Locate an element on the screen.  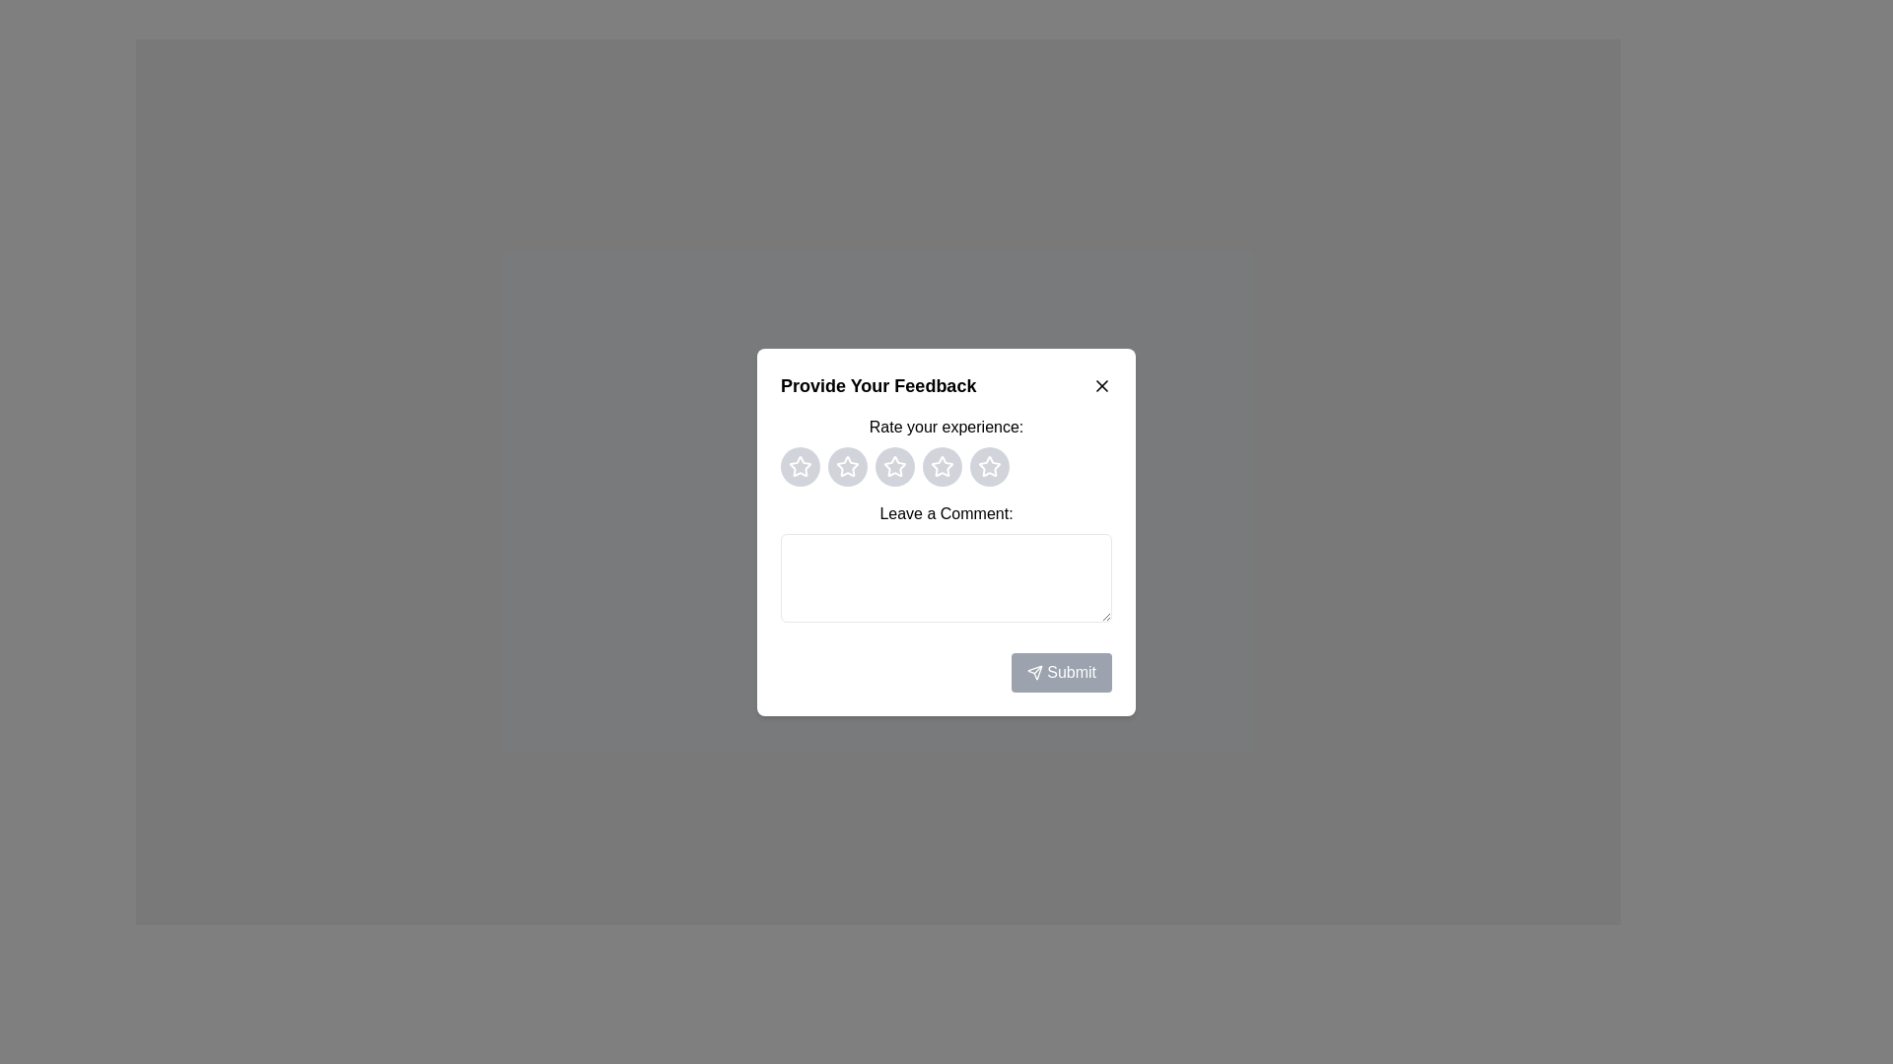
the third star-shaped icon in the rating system is located at coordinates (893, 466).